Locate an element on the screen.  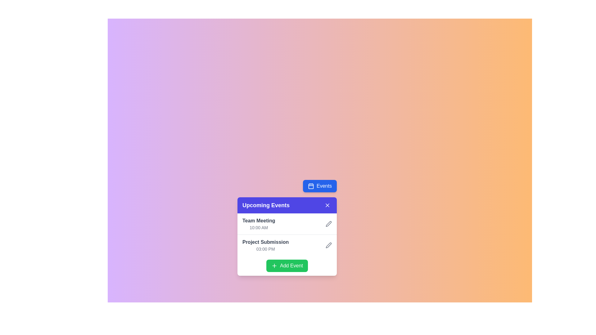
the 'Add Event' button located at the bottom center of the modal is located at coordinates (287, 265).